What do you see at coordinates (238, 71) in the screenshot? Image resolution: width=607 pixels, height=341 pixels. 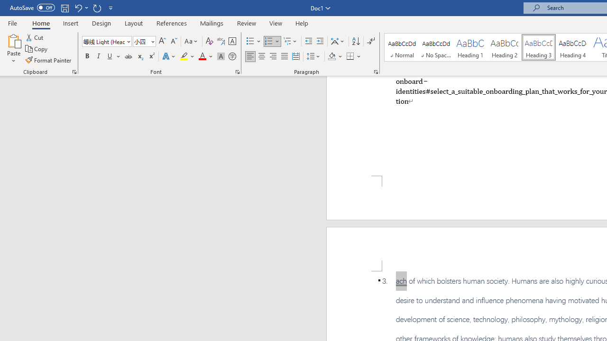 I see `'Font...'` at bounding box center [238, 71].